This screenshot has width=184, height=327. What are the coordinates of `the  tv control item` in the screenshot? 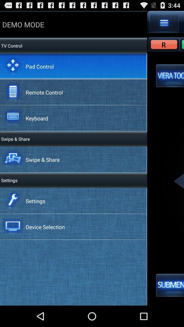 It's located at (11, 45).